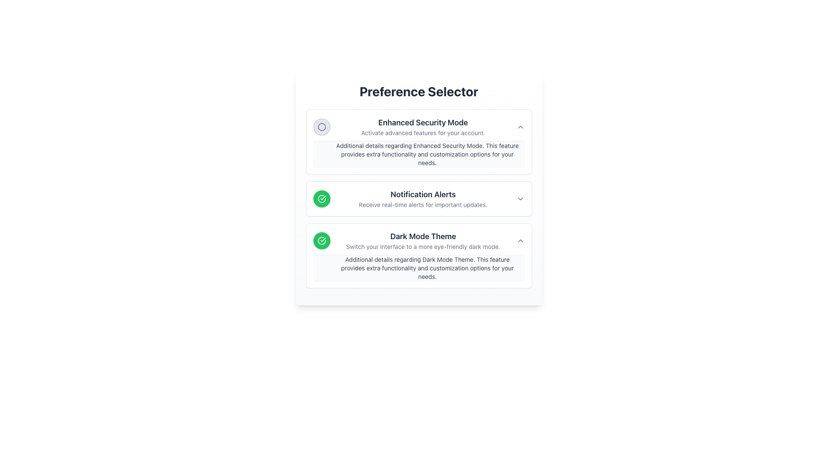  Describe the element at coordinates (423, 127) in the screenshot. I see `the 'Enhanced Security Mode' text block element, which features a bold title and a subtitle, located in the first row of the settings menu` at that location.